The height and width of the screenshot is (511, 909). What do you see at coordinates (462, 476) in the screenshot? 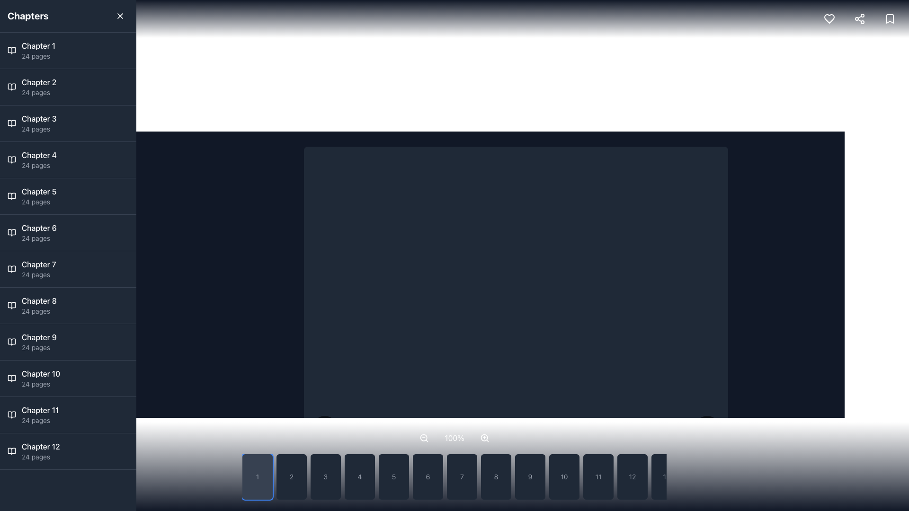
I see `the selectable button associated with the number '7' for keyboard interaction` at bounding box center [462, 476].